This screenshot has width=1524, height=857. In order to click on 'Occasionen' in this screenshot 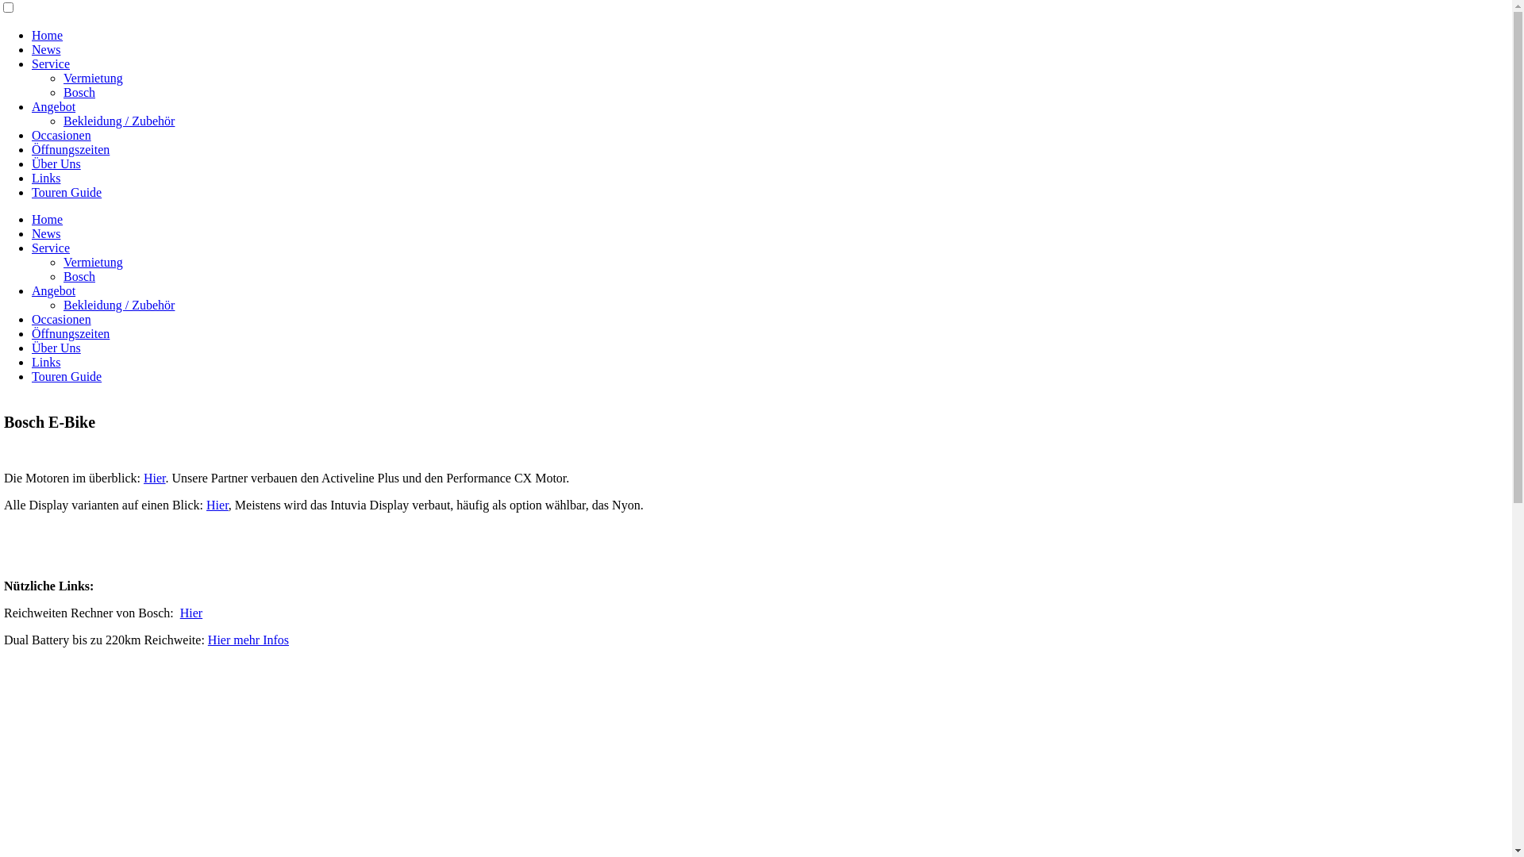, I will do `click(61, 134)`.